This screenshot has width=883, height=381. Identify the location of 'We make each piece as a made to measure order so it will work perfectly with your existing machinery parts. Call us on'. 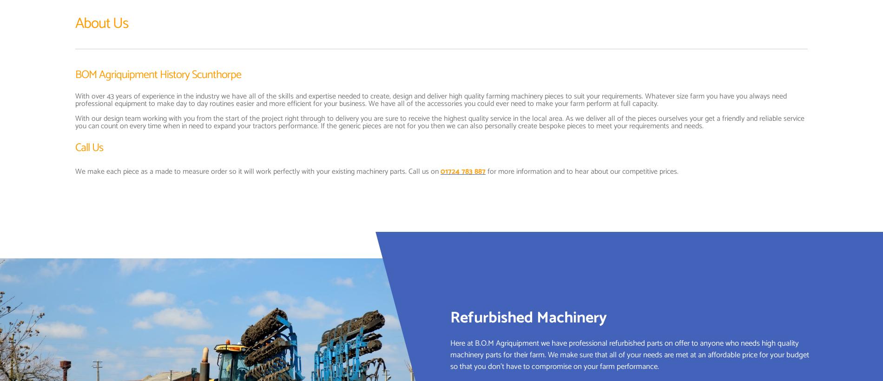
(257, 171).